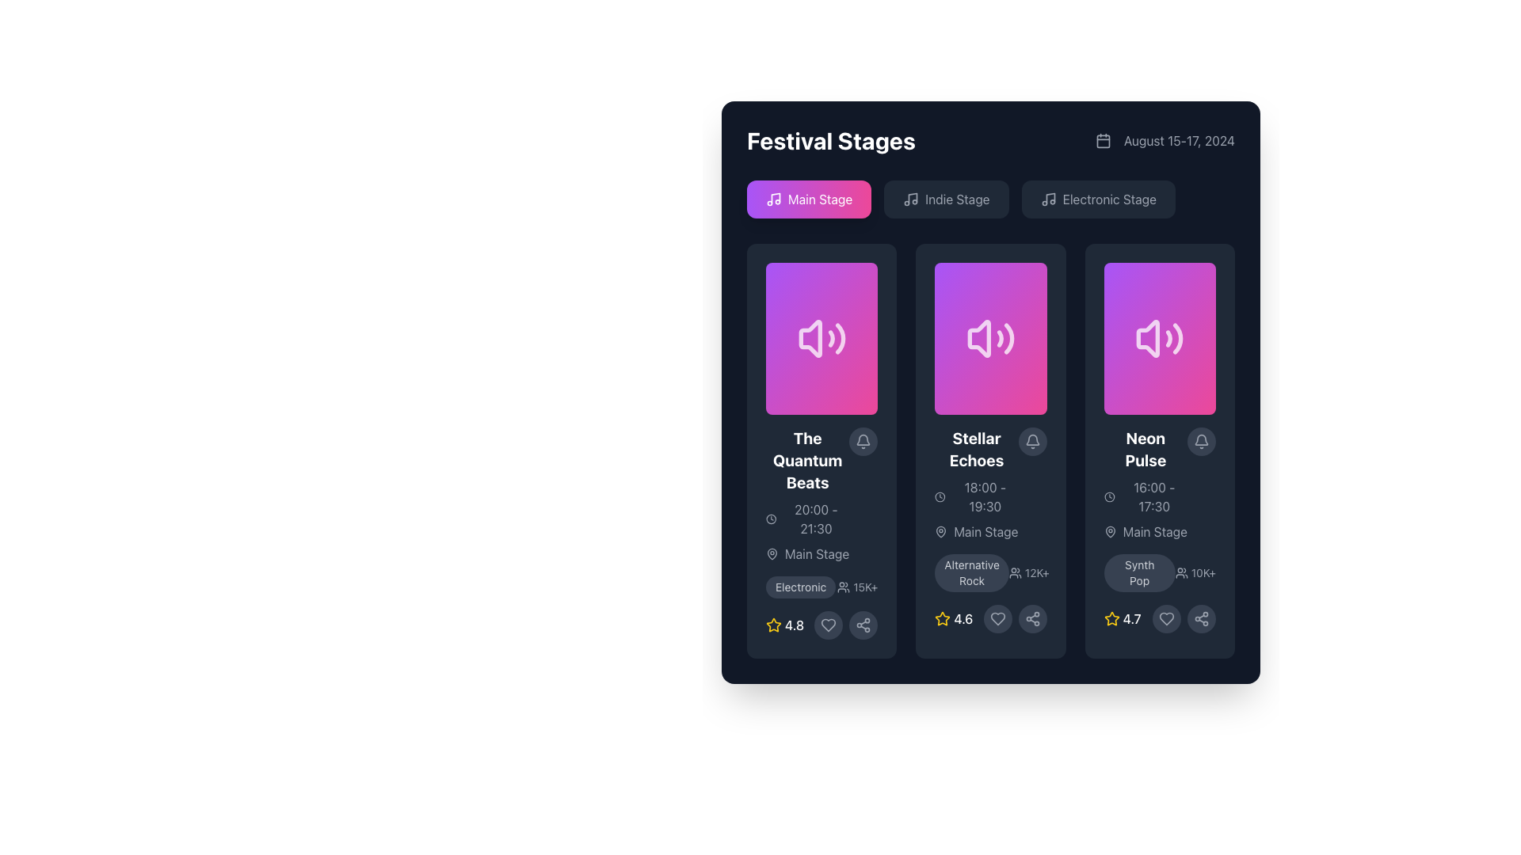 The width and height of the screenshot is (1521, 855). What do you see at coordinates (801, 587) in the screenshot?
I see `the pill-shaped button labeled 'Electronic' with a medium gray background, located at the lower part of the first card in a grid of three cards` at bounding box center [801, 587].